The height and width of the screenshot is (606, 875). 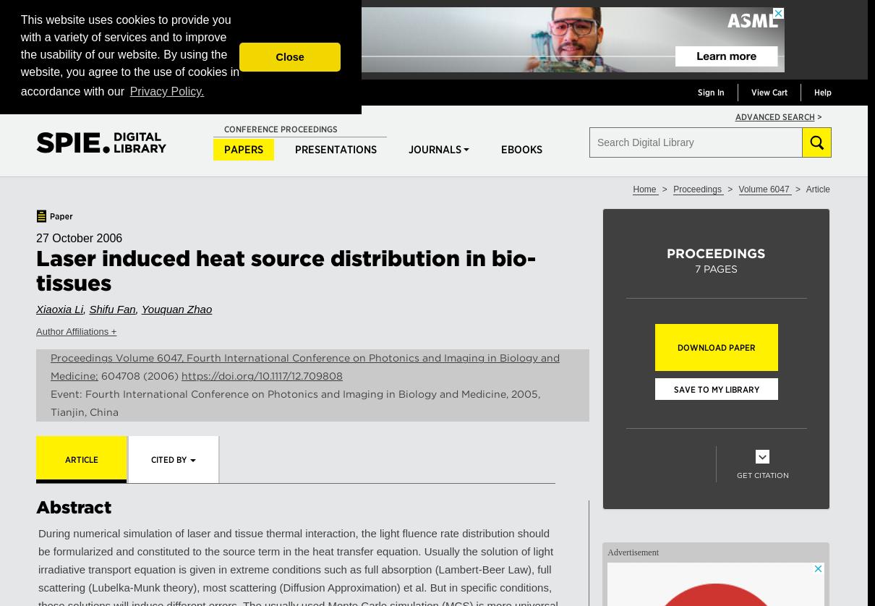 I want to click on 'Privacy Policy.', so click(x=166, y=91).